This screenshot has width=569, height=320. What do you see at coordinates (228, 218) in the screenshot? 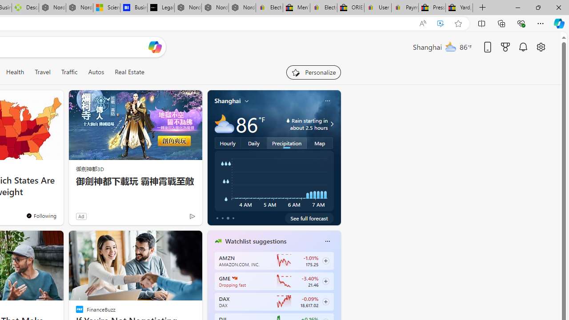
I see `'tab-2'` at bounding box center [228, 218].